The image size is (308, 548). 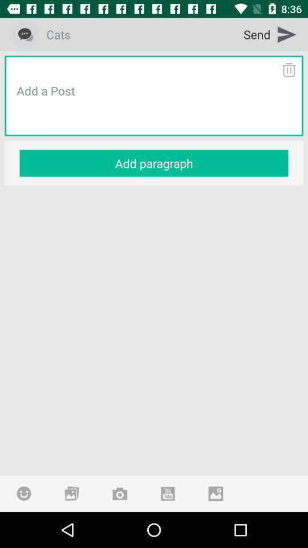 What do you see at coordinates (154, 163) in the screenshot?
I see `the add paragraph icon` at bounding box center [154, 163].